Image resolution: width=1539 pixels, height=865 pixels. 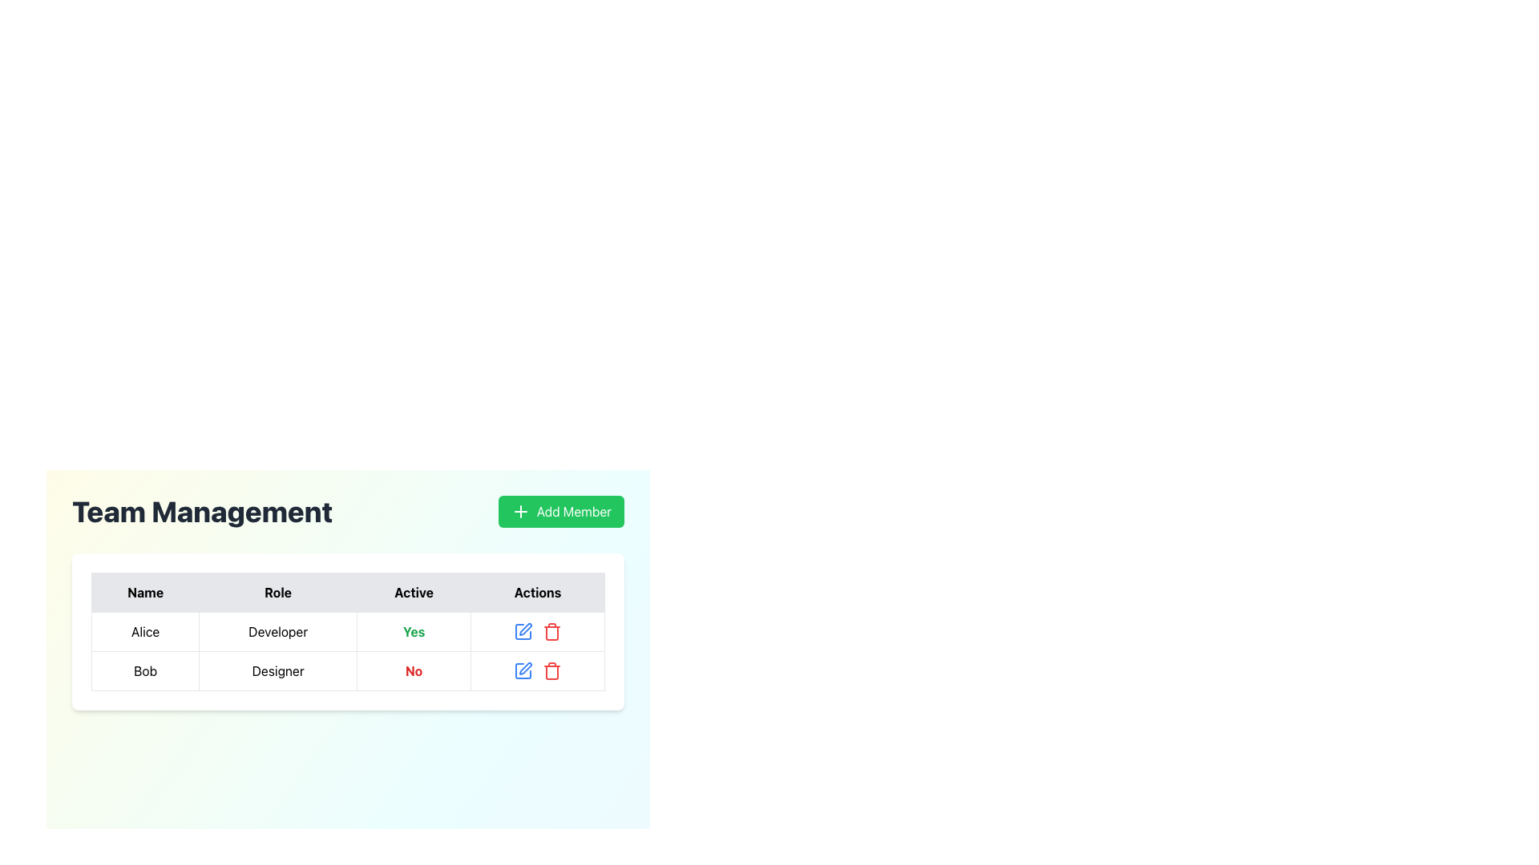 What do you see at coordinates (526, 629) in the screenshot?
I see `the 'Edit' button located in the 'Actions' column of the row labeled 'Alice'` at bounding box center [526, 629].